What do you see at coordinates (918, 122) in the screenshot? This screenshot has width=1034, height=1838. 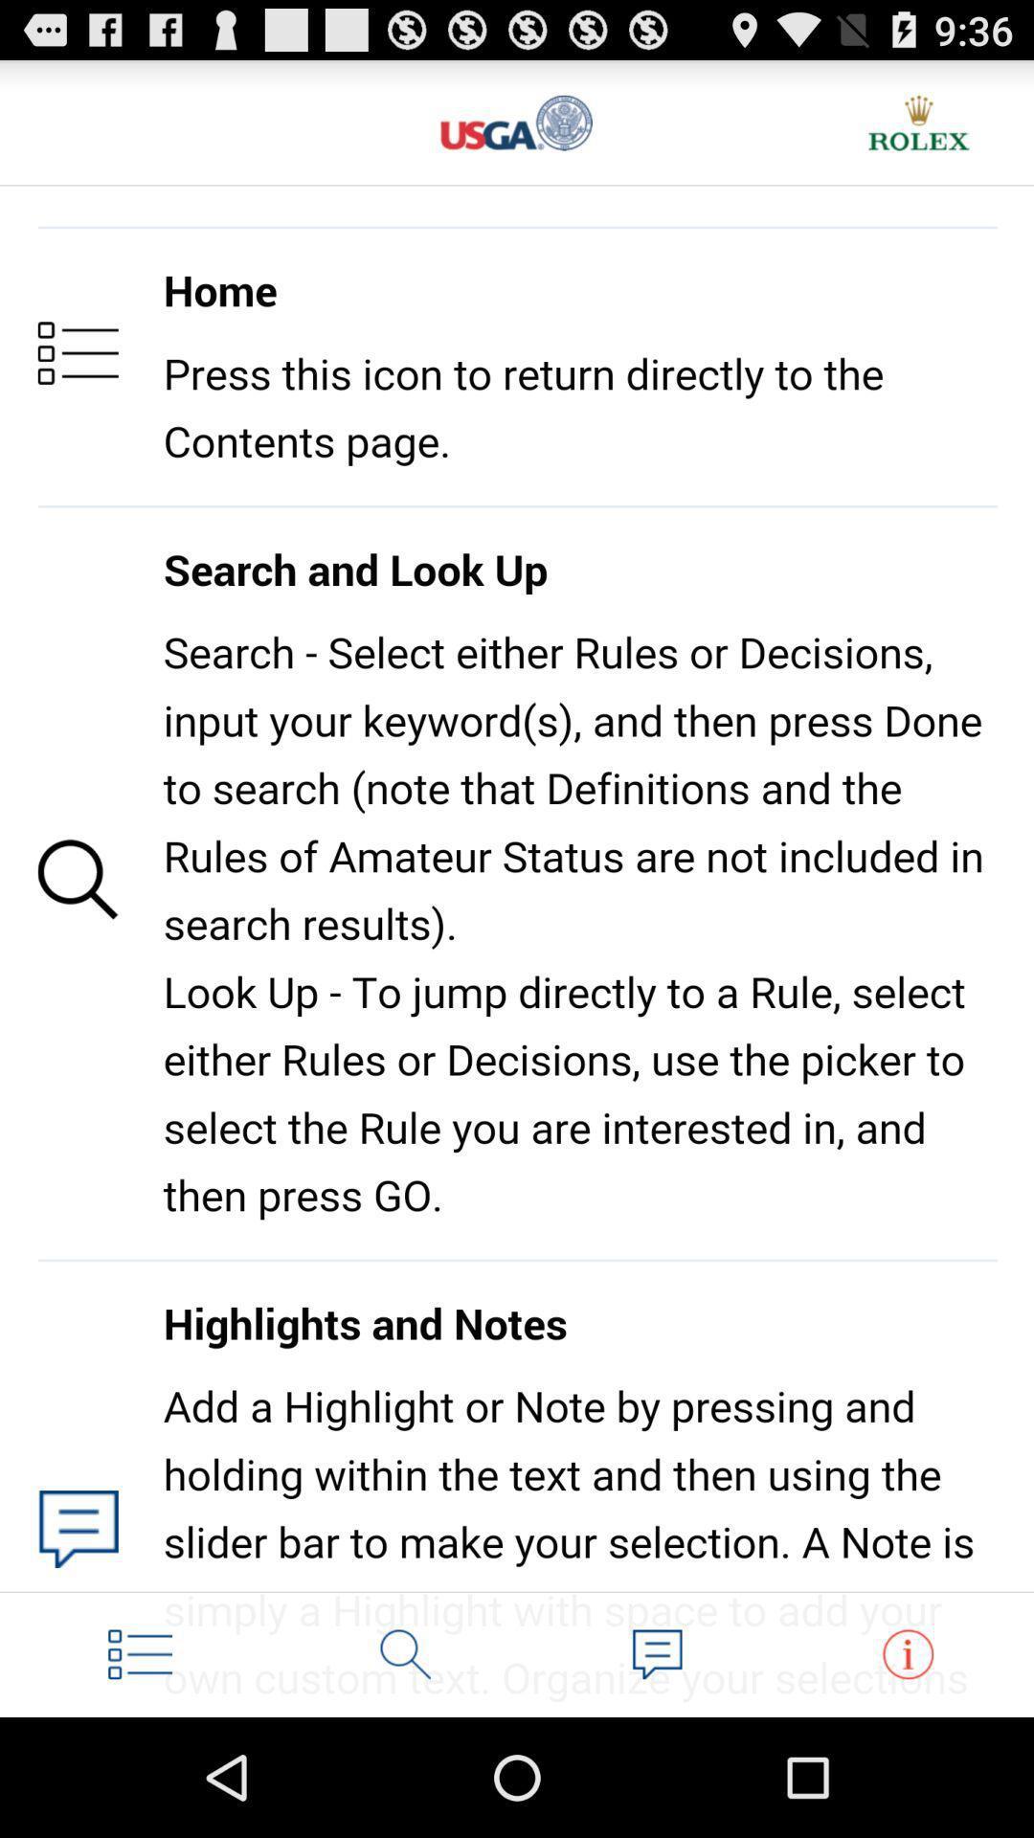 I see `rolex website` at bounding box center [918, 122].